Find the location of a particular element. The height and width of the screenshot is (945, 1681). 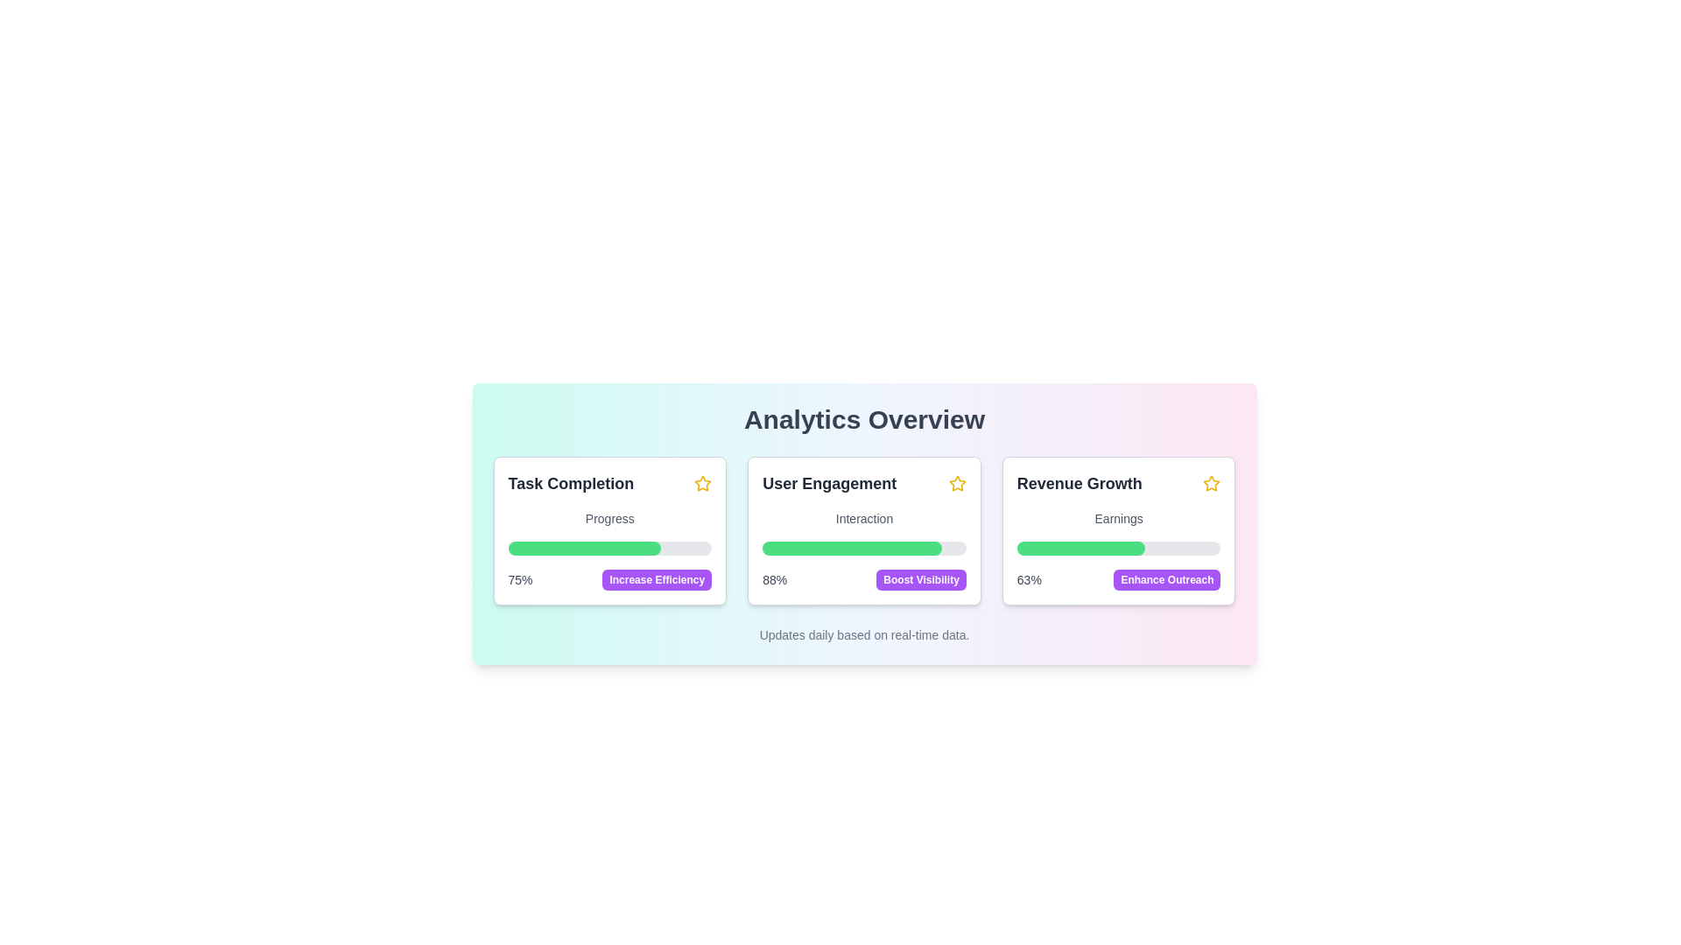

the star-shaped icon with a yellow border located is located at coordinates (956, 483).